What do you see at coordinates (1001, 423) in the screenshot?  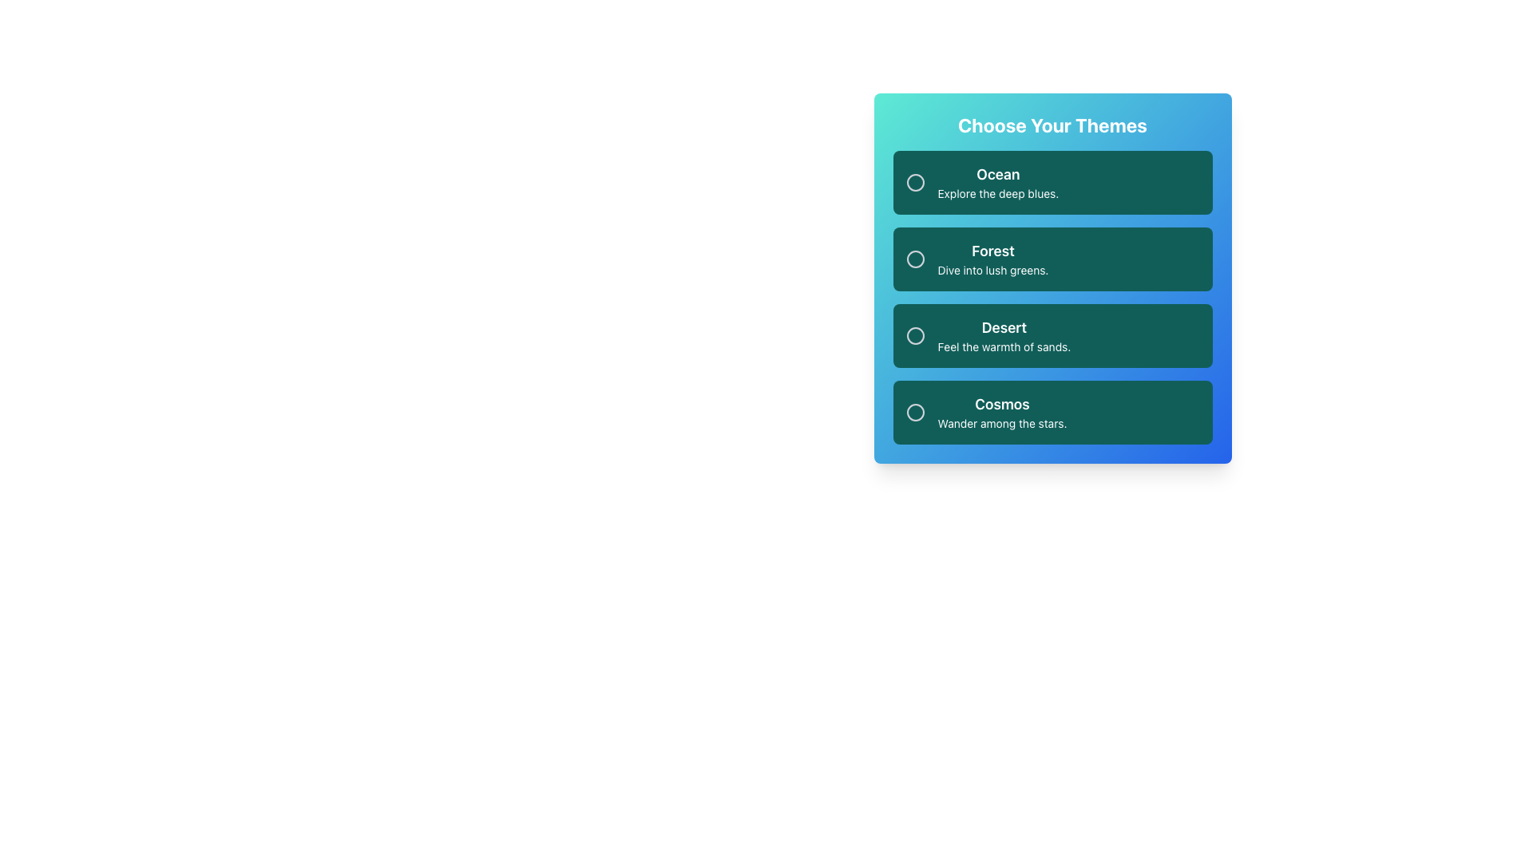 I see `the descriptive subtitle text label for the 'Cosmos' option, located in the fourth choice card of the theme selection panel` at bounding box center [1001, 423].